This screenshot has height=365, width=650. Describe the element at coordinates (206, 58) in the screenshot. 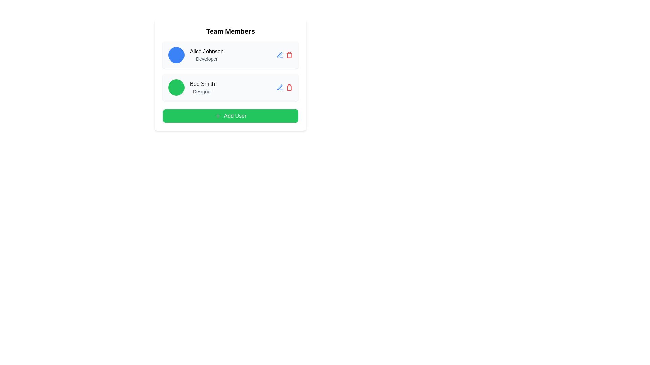

I see `the text label indicating the role 'Developer' for the individual 'Alice Johnson' in the team list` at that location.